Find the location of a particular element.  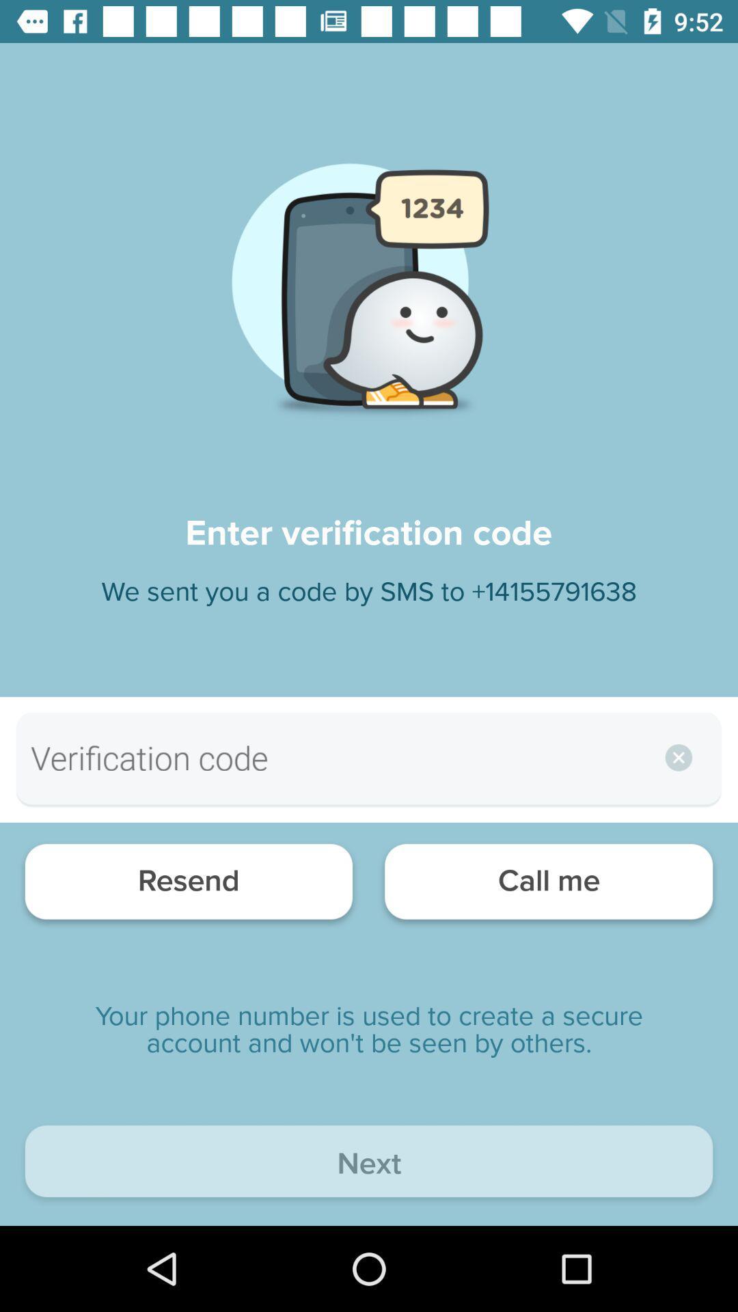

the item to the right of resend item is located at coordinates (548, 885).